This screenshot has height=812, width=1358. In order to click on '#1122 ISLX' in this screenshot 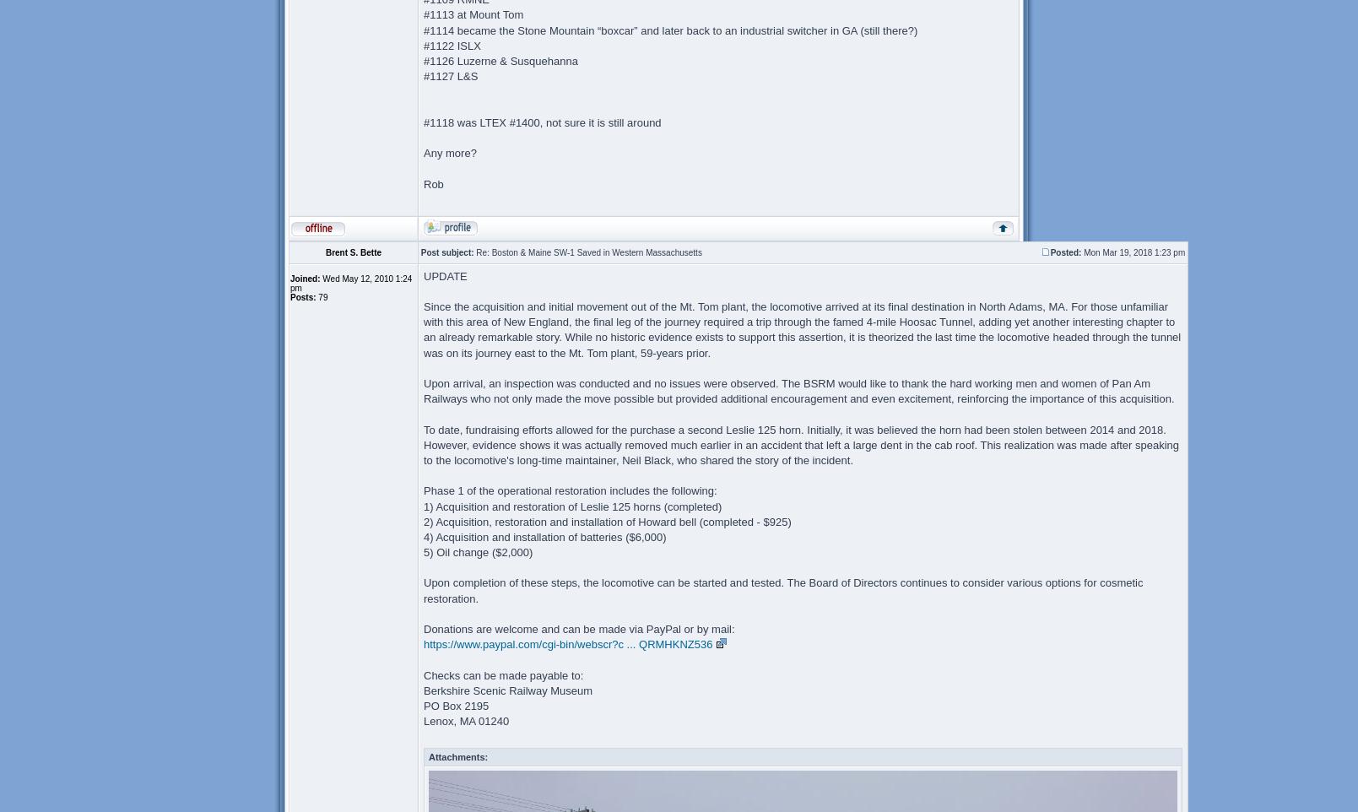, I will do `click(451, 45)`.